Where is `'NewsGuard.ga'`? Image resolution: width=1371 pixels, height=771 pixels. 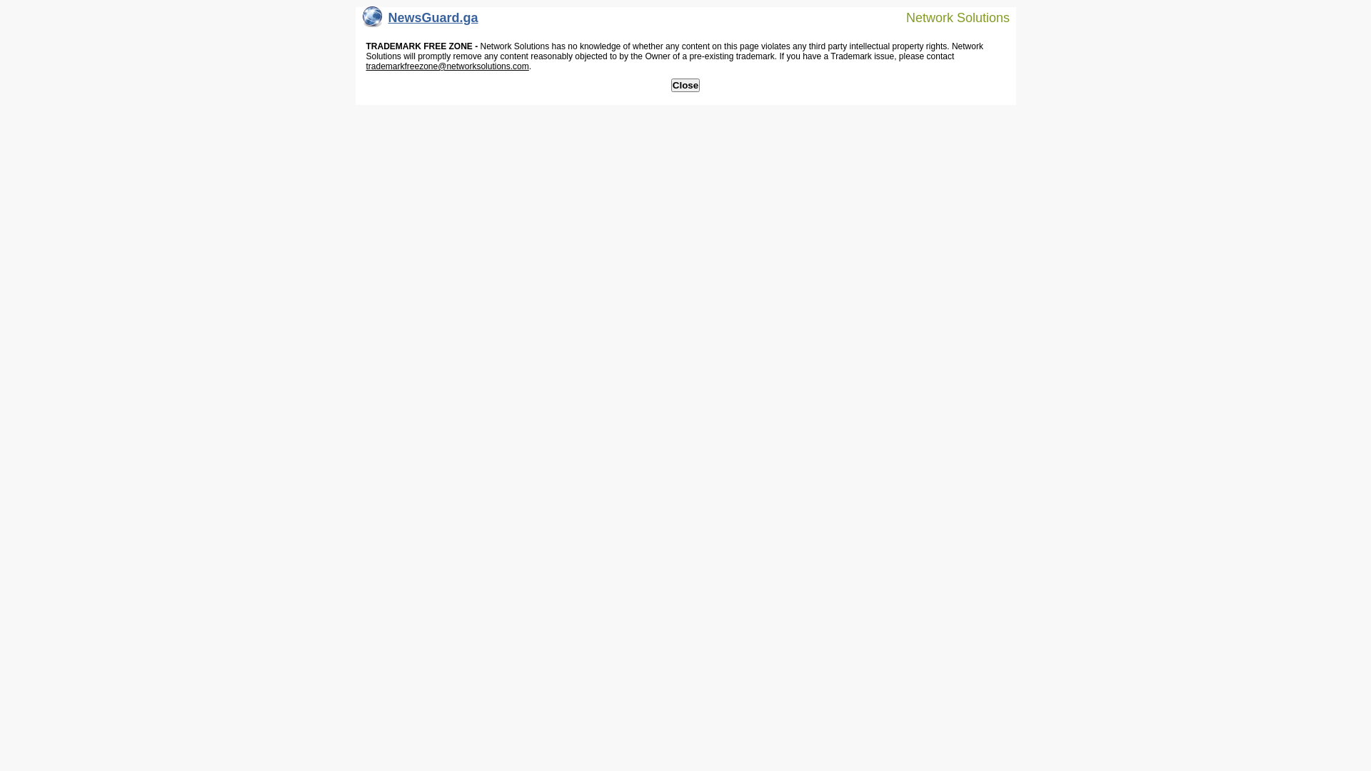
'NewsGuard.ga' is located at coordinates (420, 21).